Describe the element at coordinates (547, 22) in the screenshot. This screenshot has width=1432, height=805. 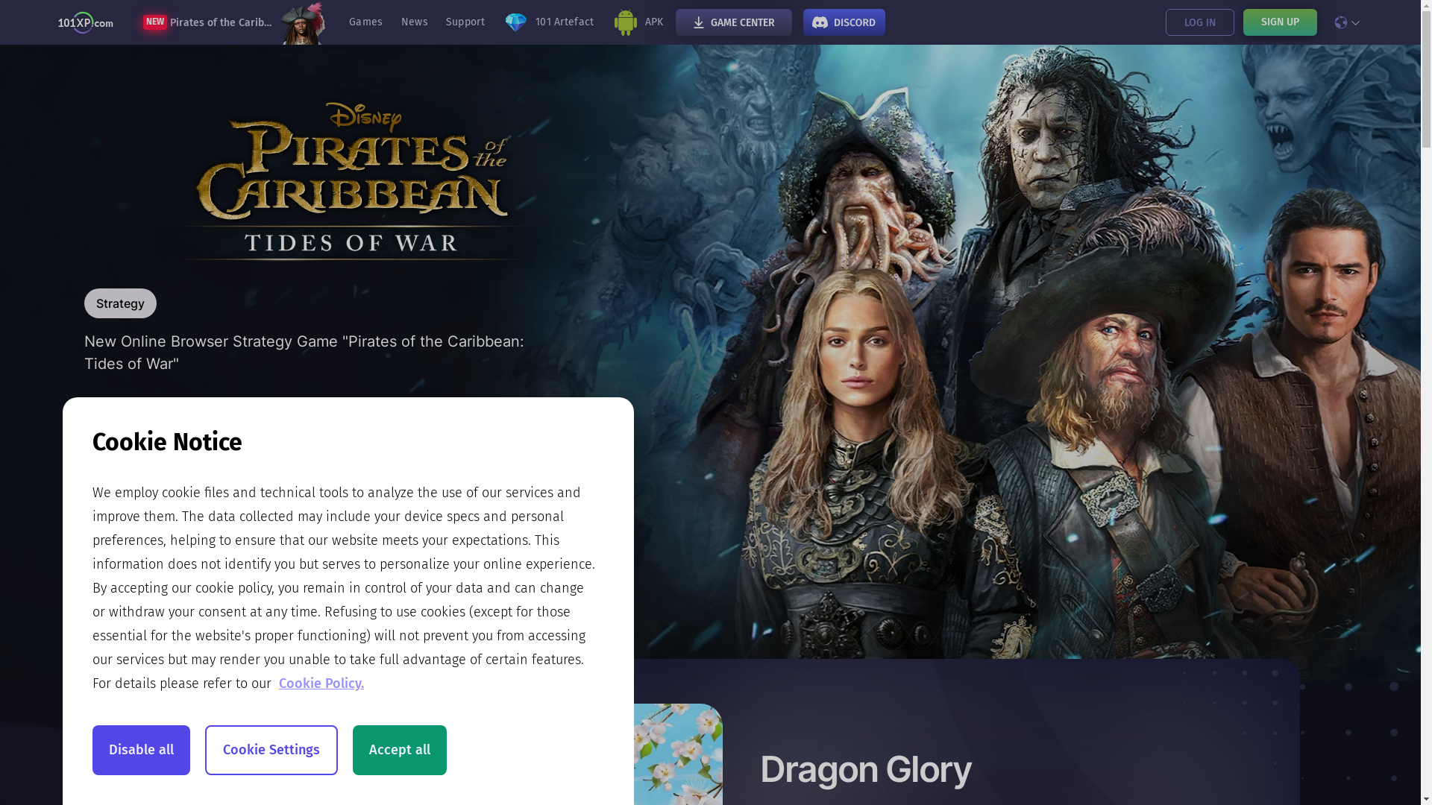
I see `'101 Artefact'` at that location.